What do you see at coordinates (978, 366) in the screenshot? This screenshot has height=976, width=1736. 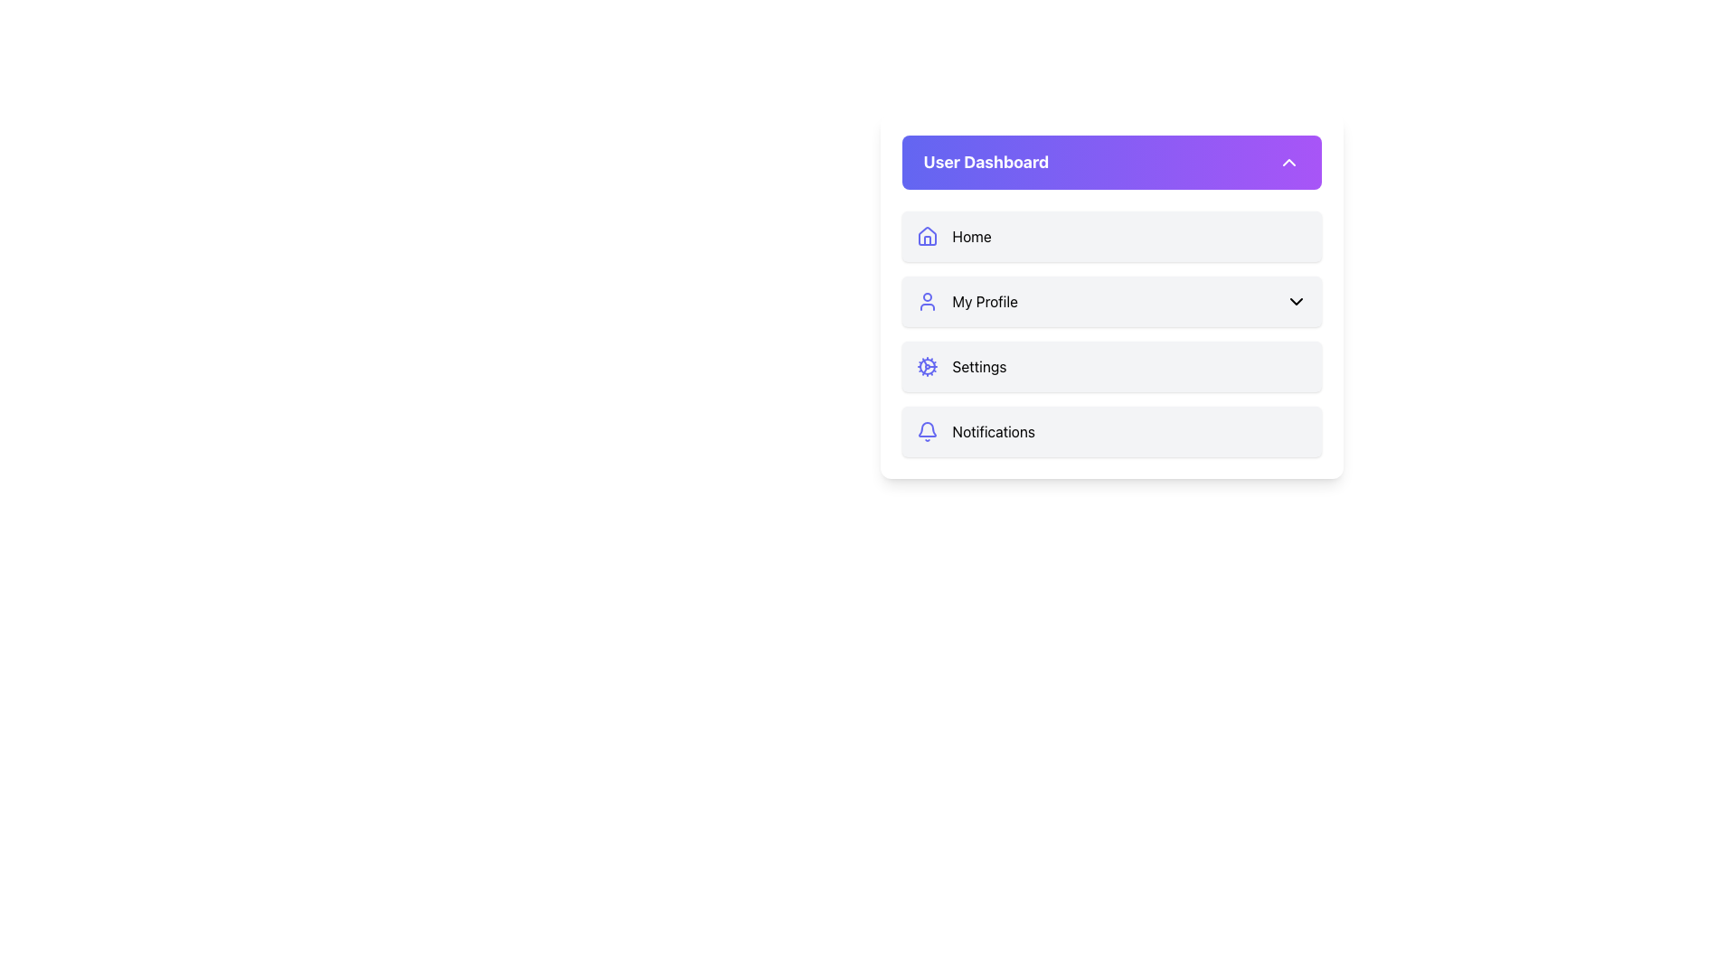 I see `the 'Settings' text label located within the third option of the vertical list in the user dashboard menu, which is styled with a sans-serif font and positioned between 'My Profile' and 'Notifications'` at bounding box center [978, 366].